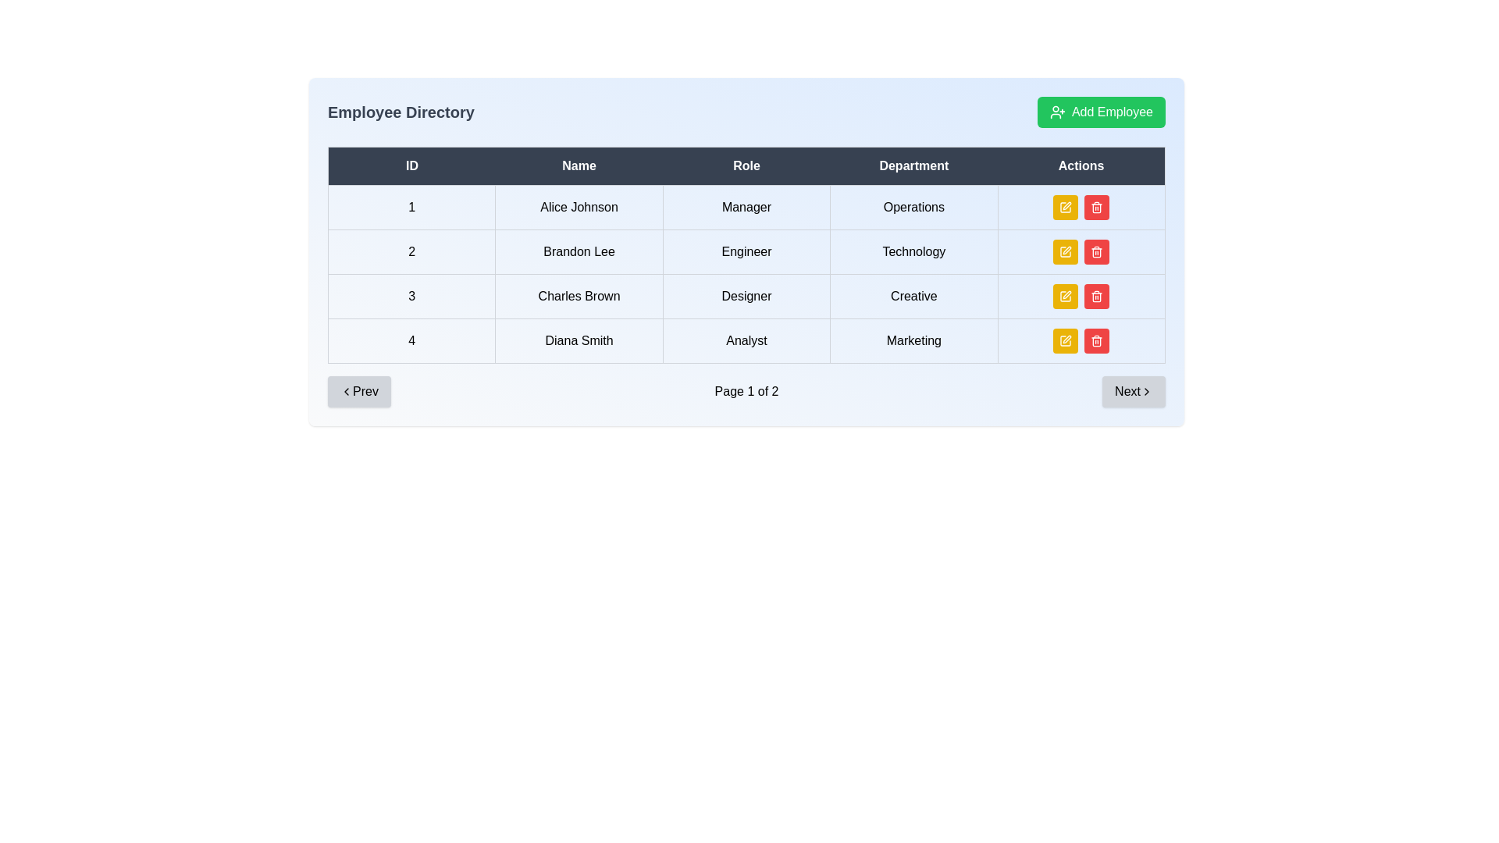  Describe the element at coordinates (746, 165) in the screenshot. I see `the 'Role' column header text label in the table, which is located between the 'Name' and 'Department' column headers` at that location.